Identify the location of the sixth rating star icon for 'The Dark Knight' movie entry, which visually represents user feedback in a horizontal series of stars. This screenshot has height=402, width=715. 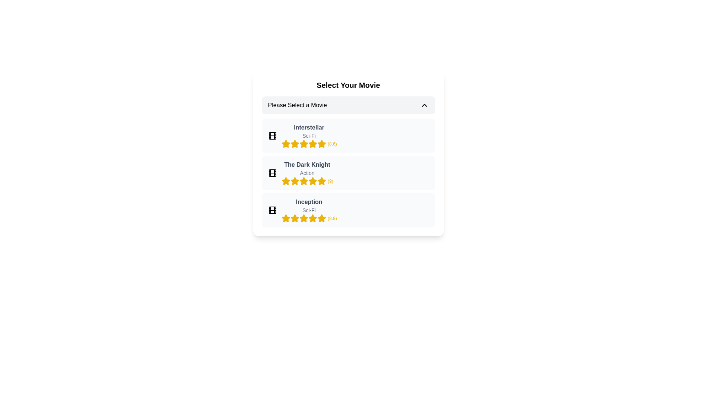
(312, 181).